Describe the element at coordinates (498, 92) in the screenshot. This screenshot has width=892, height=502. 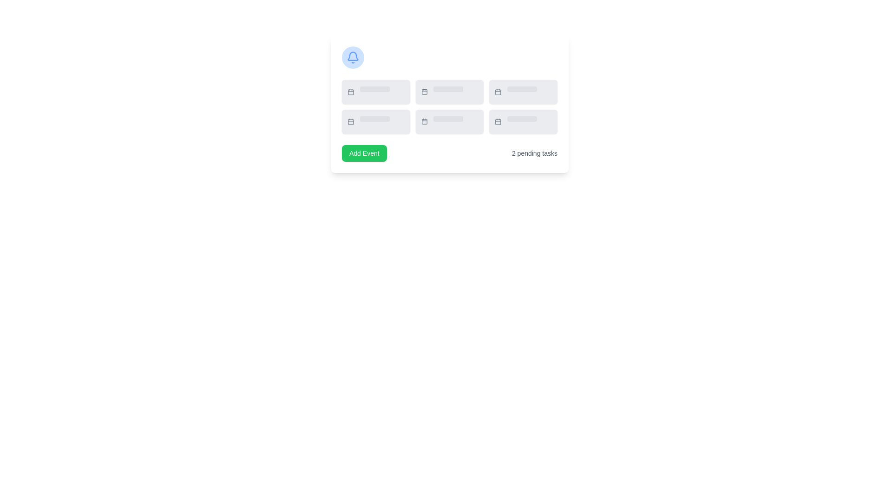
I see `the graphical component of the SVG calendar icon located in the upper right area of the calendar representation` at that location.